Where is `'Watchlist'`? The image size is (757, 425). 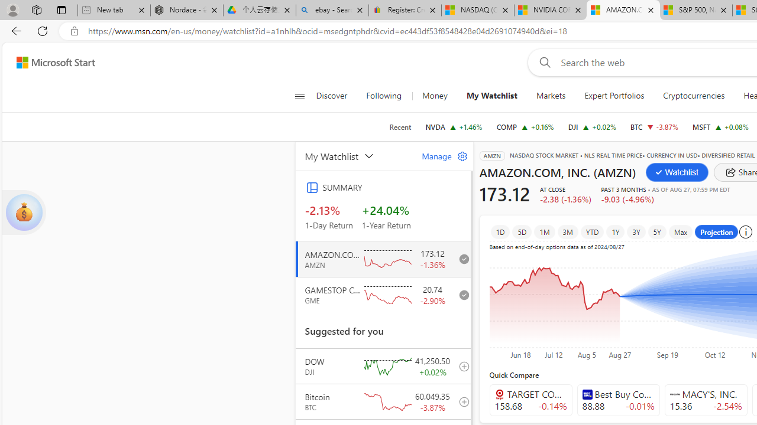 'Watchlist' is located at coordinates (677, 172).